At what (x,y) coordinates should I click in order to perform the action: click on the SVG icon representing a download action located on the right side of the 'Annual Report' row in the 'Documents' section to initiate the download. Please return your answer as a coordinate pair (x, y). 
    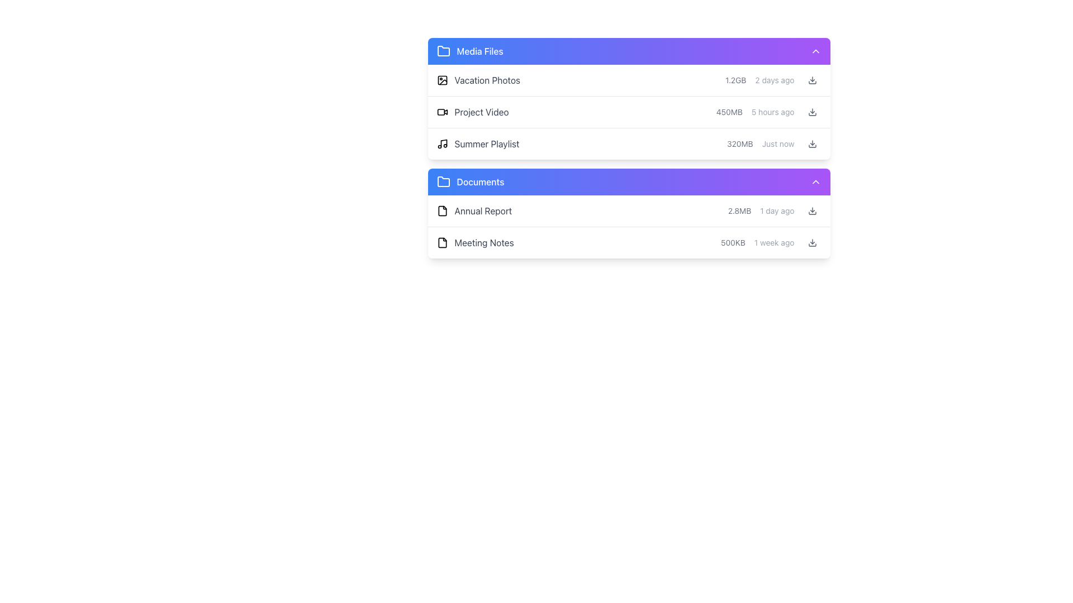
    Looking at the image, I should click on (812, 211).